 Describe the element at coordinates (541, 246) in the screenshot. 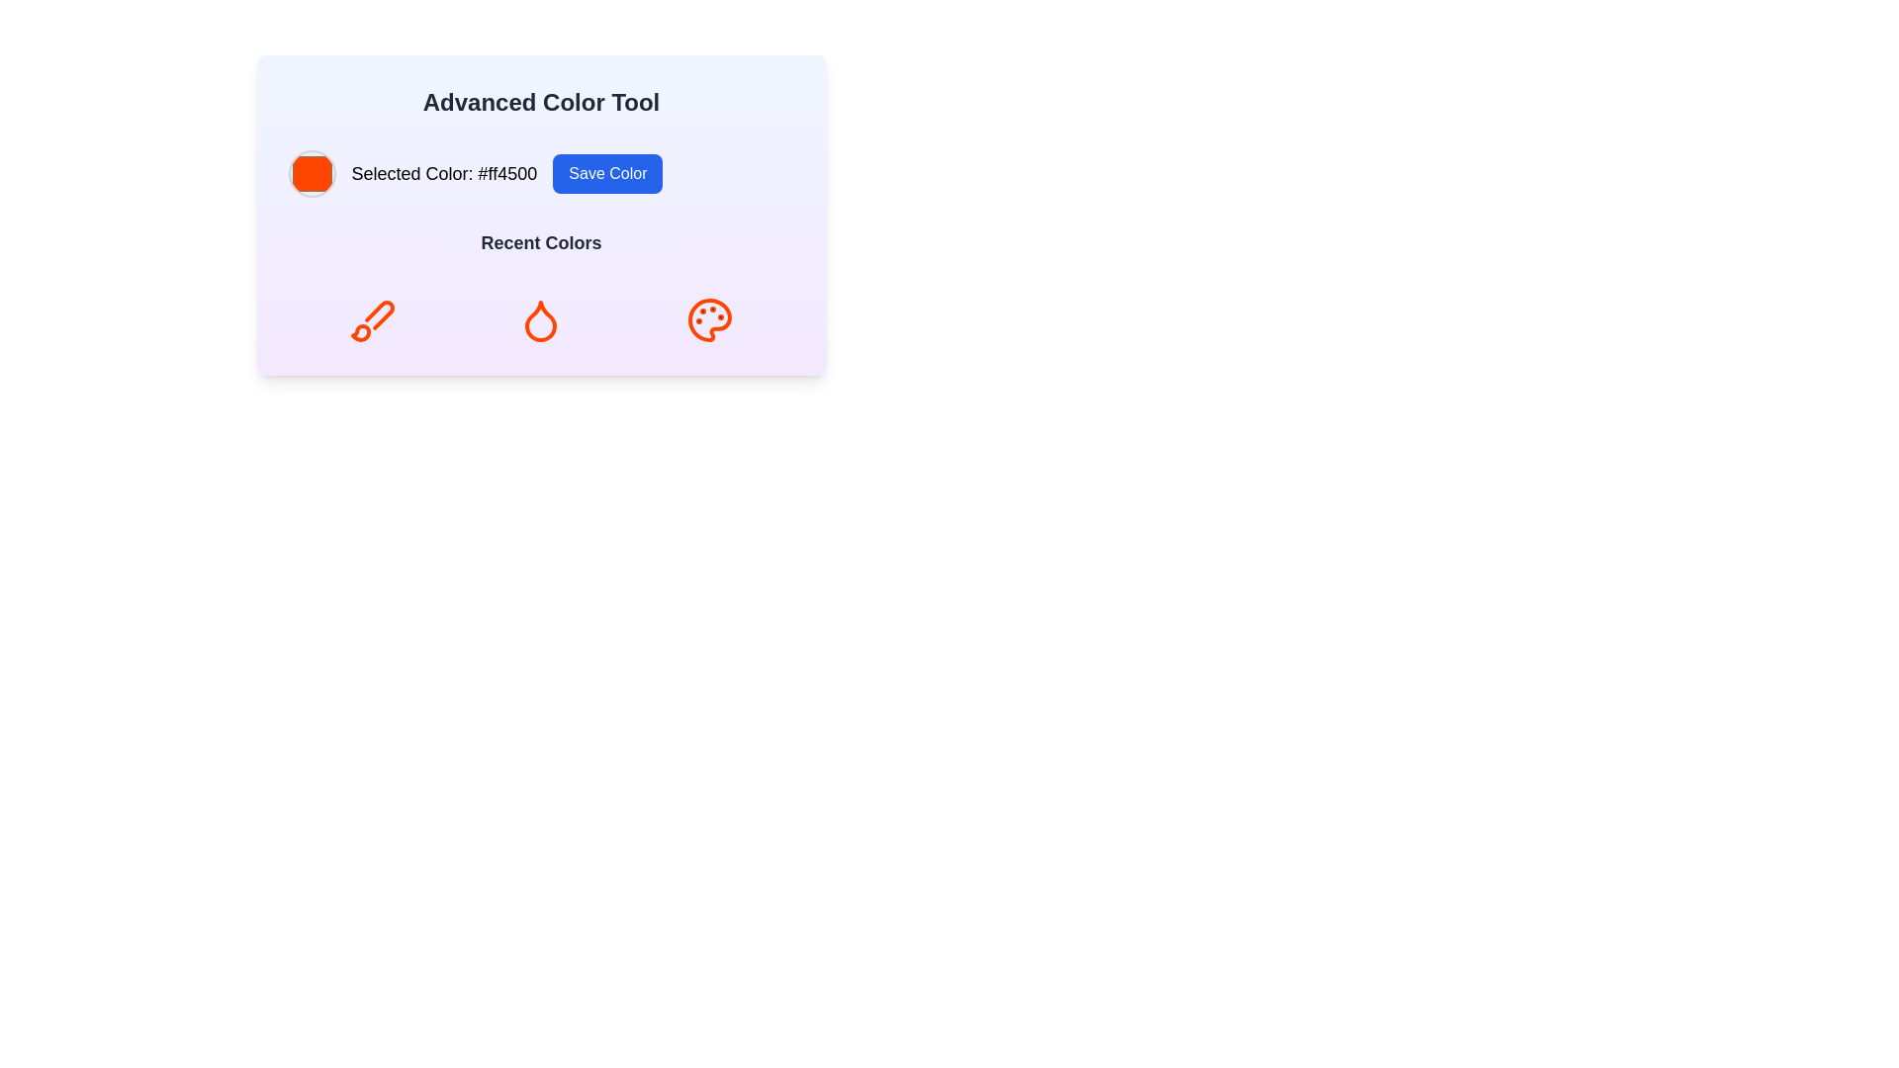

I see `the 'Recent Colors' text, which is styled with a bold, larger font size and dark gray color, located centrally below the selected color section and above a group of icons` at that location.